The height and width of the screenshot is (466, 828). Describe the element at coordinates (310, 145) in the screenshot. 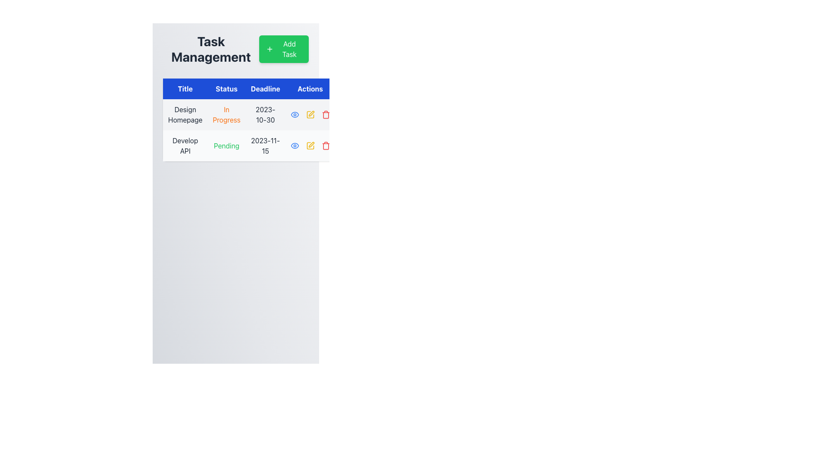

I see `the group of buttons in the fourth cell of the 'Actions' column in the second row of the table` at that location.